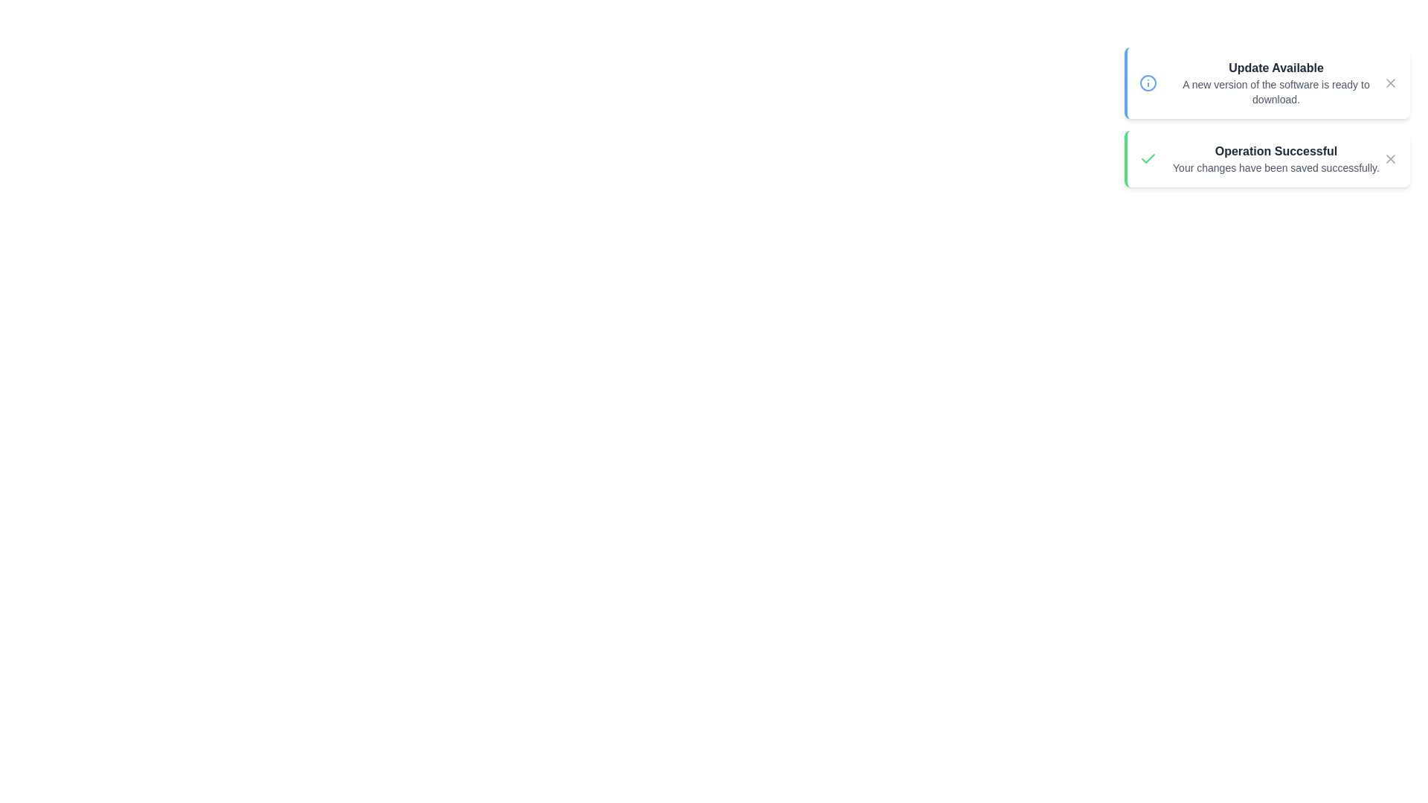 This screenshot has height=803, width=1428. What do you see at coordinates (1276, 167) in the screenshot?
I see `the text label providing additional context indicating the successful completion of a recent operation, located directly below 'Operation Successful' in the notification card` at bounding box center [1276, 167].